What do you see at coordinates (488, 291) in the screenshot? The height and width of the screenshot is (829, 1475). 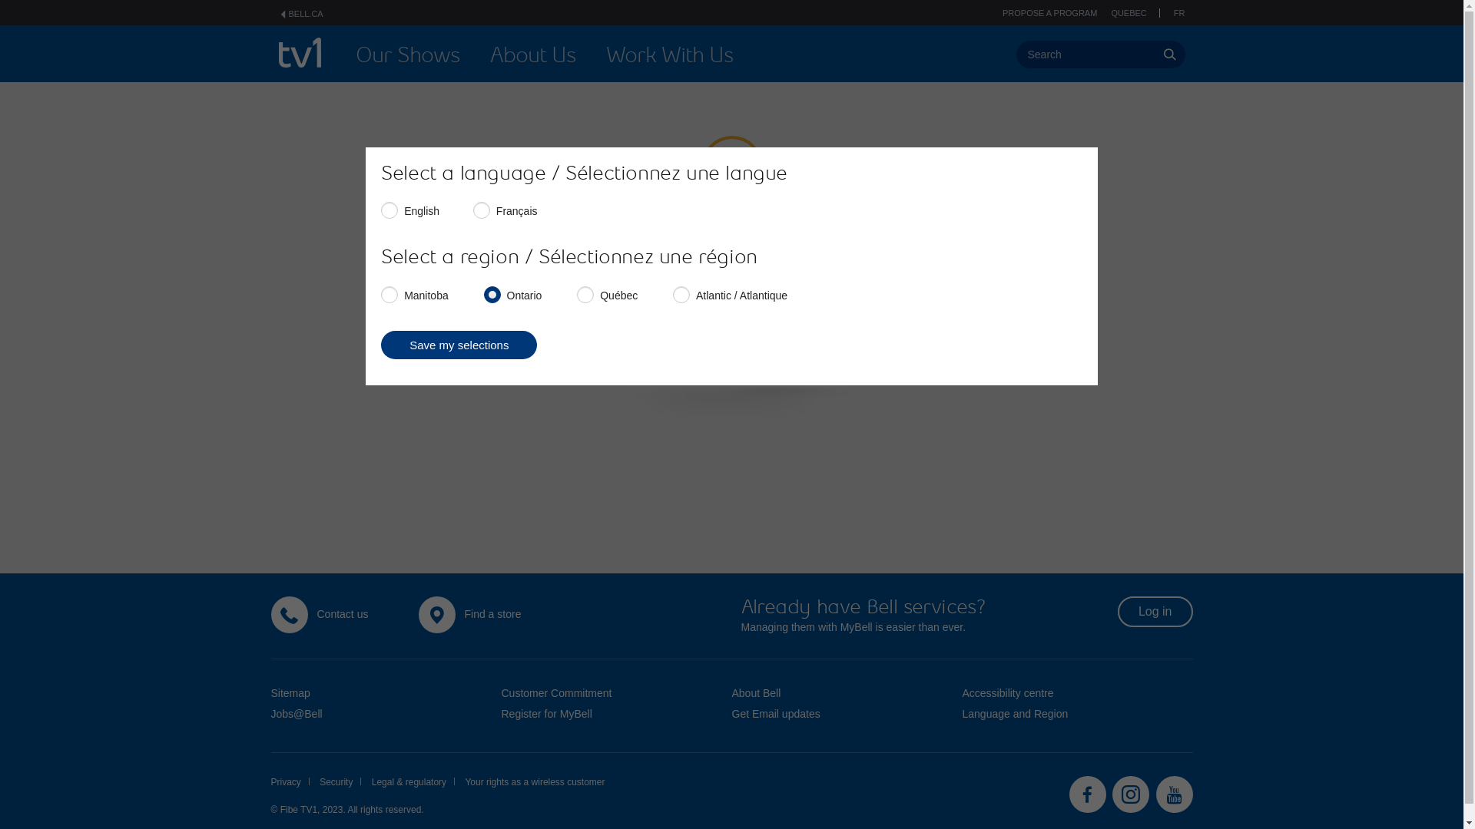 I see `'Ontario'` at bounding box center [488, 291].